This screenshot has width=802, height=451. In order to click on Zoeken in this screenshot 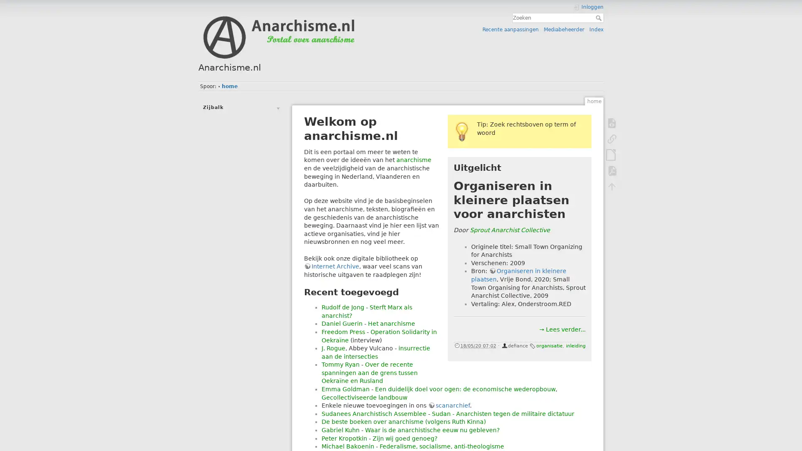, I will do `click(599, 18)`.